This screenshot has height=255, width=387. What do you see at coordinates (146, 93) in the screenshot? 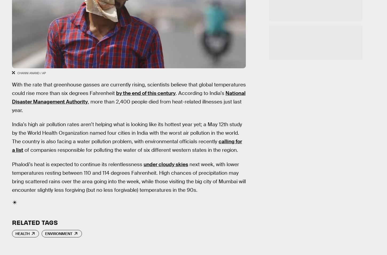
I see `'by the end of this century'` at bounding box center [146, 93].